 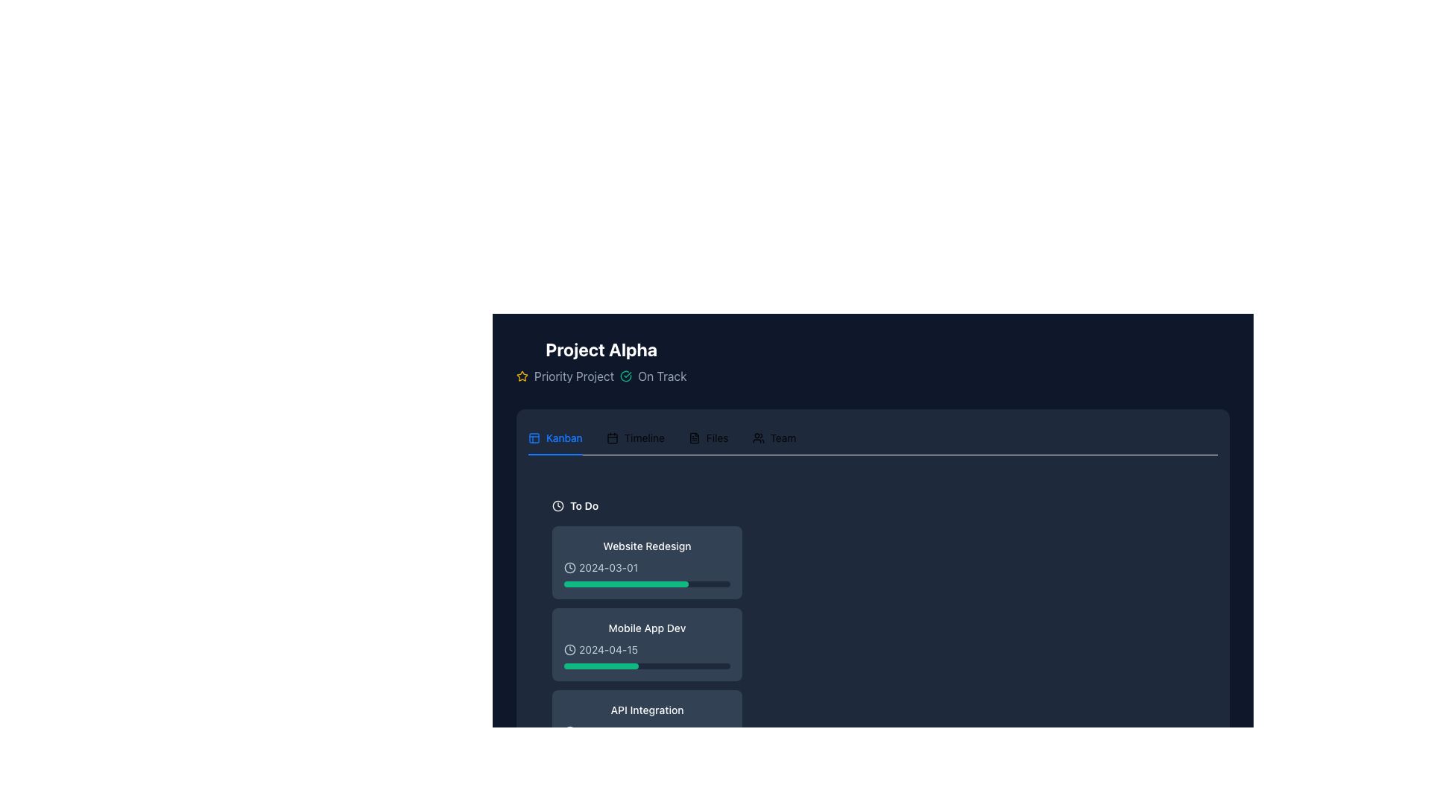 What do you see at coordinates (774, 437) in the screenshot?
I see `the fourth tab in the horizontal tab bar, located to the right of the 'Files' tab` at bounding box center [774, 437].